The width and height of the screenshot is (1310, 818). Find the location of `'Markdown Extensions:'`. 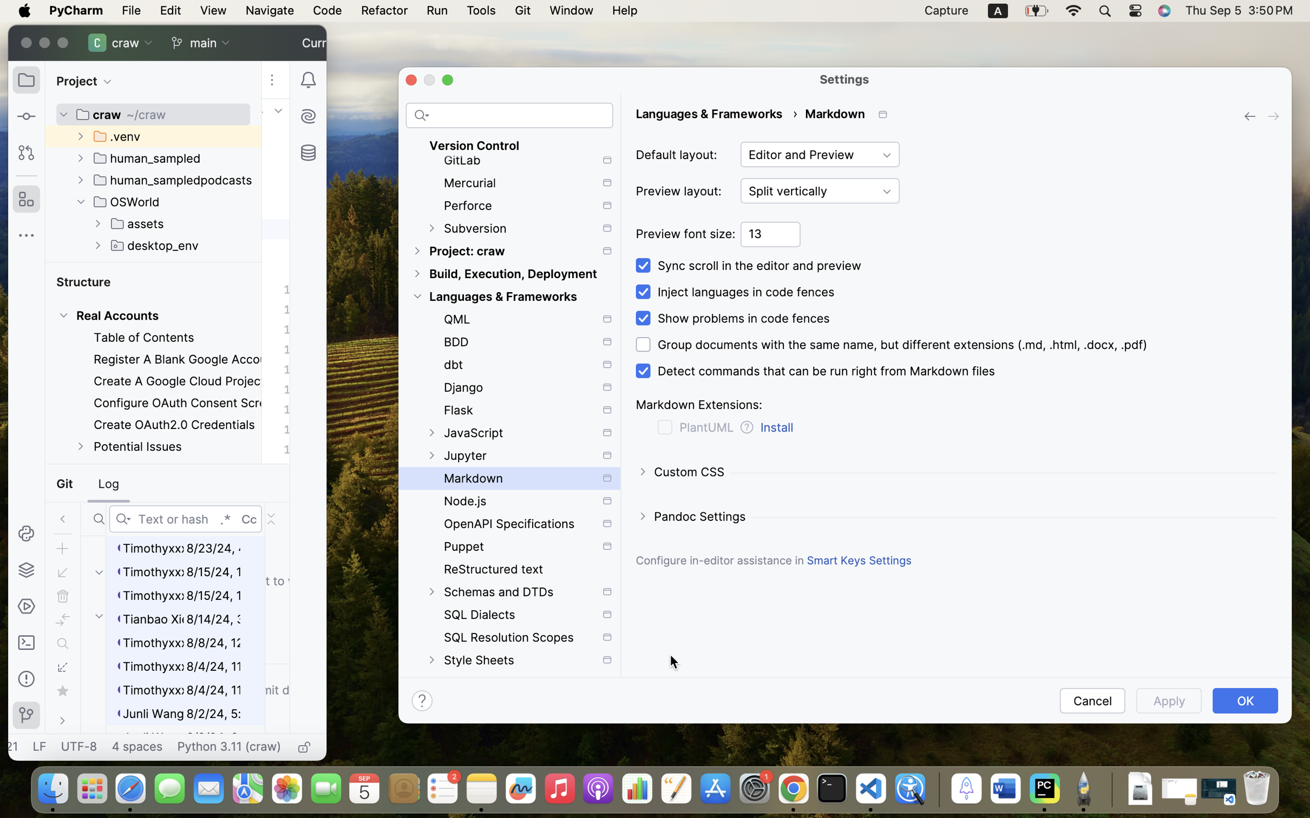

'Markdown Extensions:' is located at coordinates (699, 405).